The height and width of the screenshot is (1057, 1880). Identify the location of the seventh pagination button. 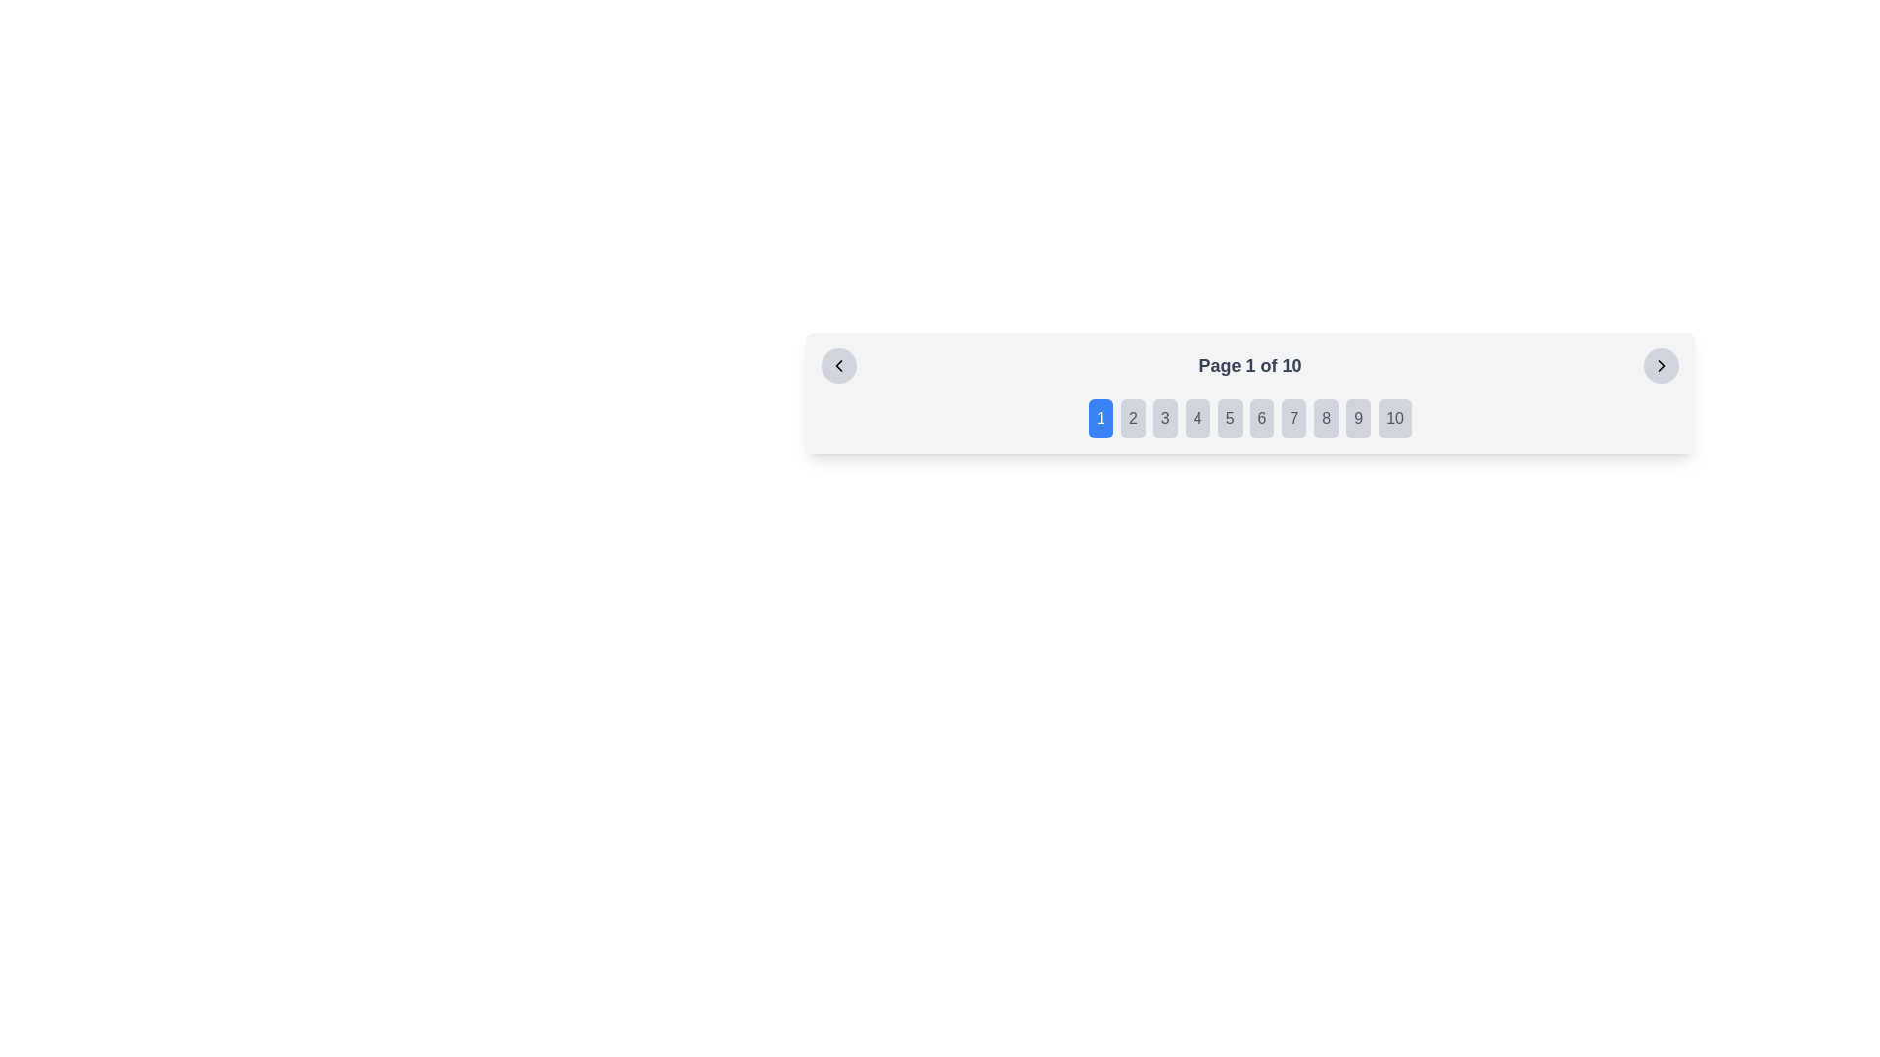
(1293, 418).